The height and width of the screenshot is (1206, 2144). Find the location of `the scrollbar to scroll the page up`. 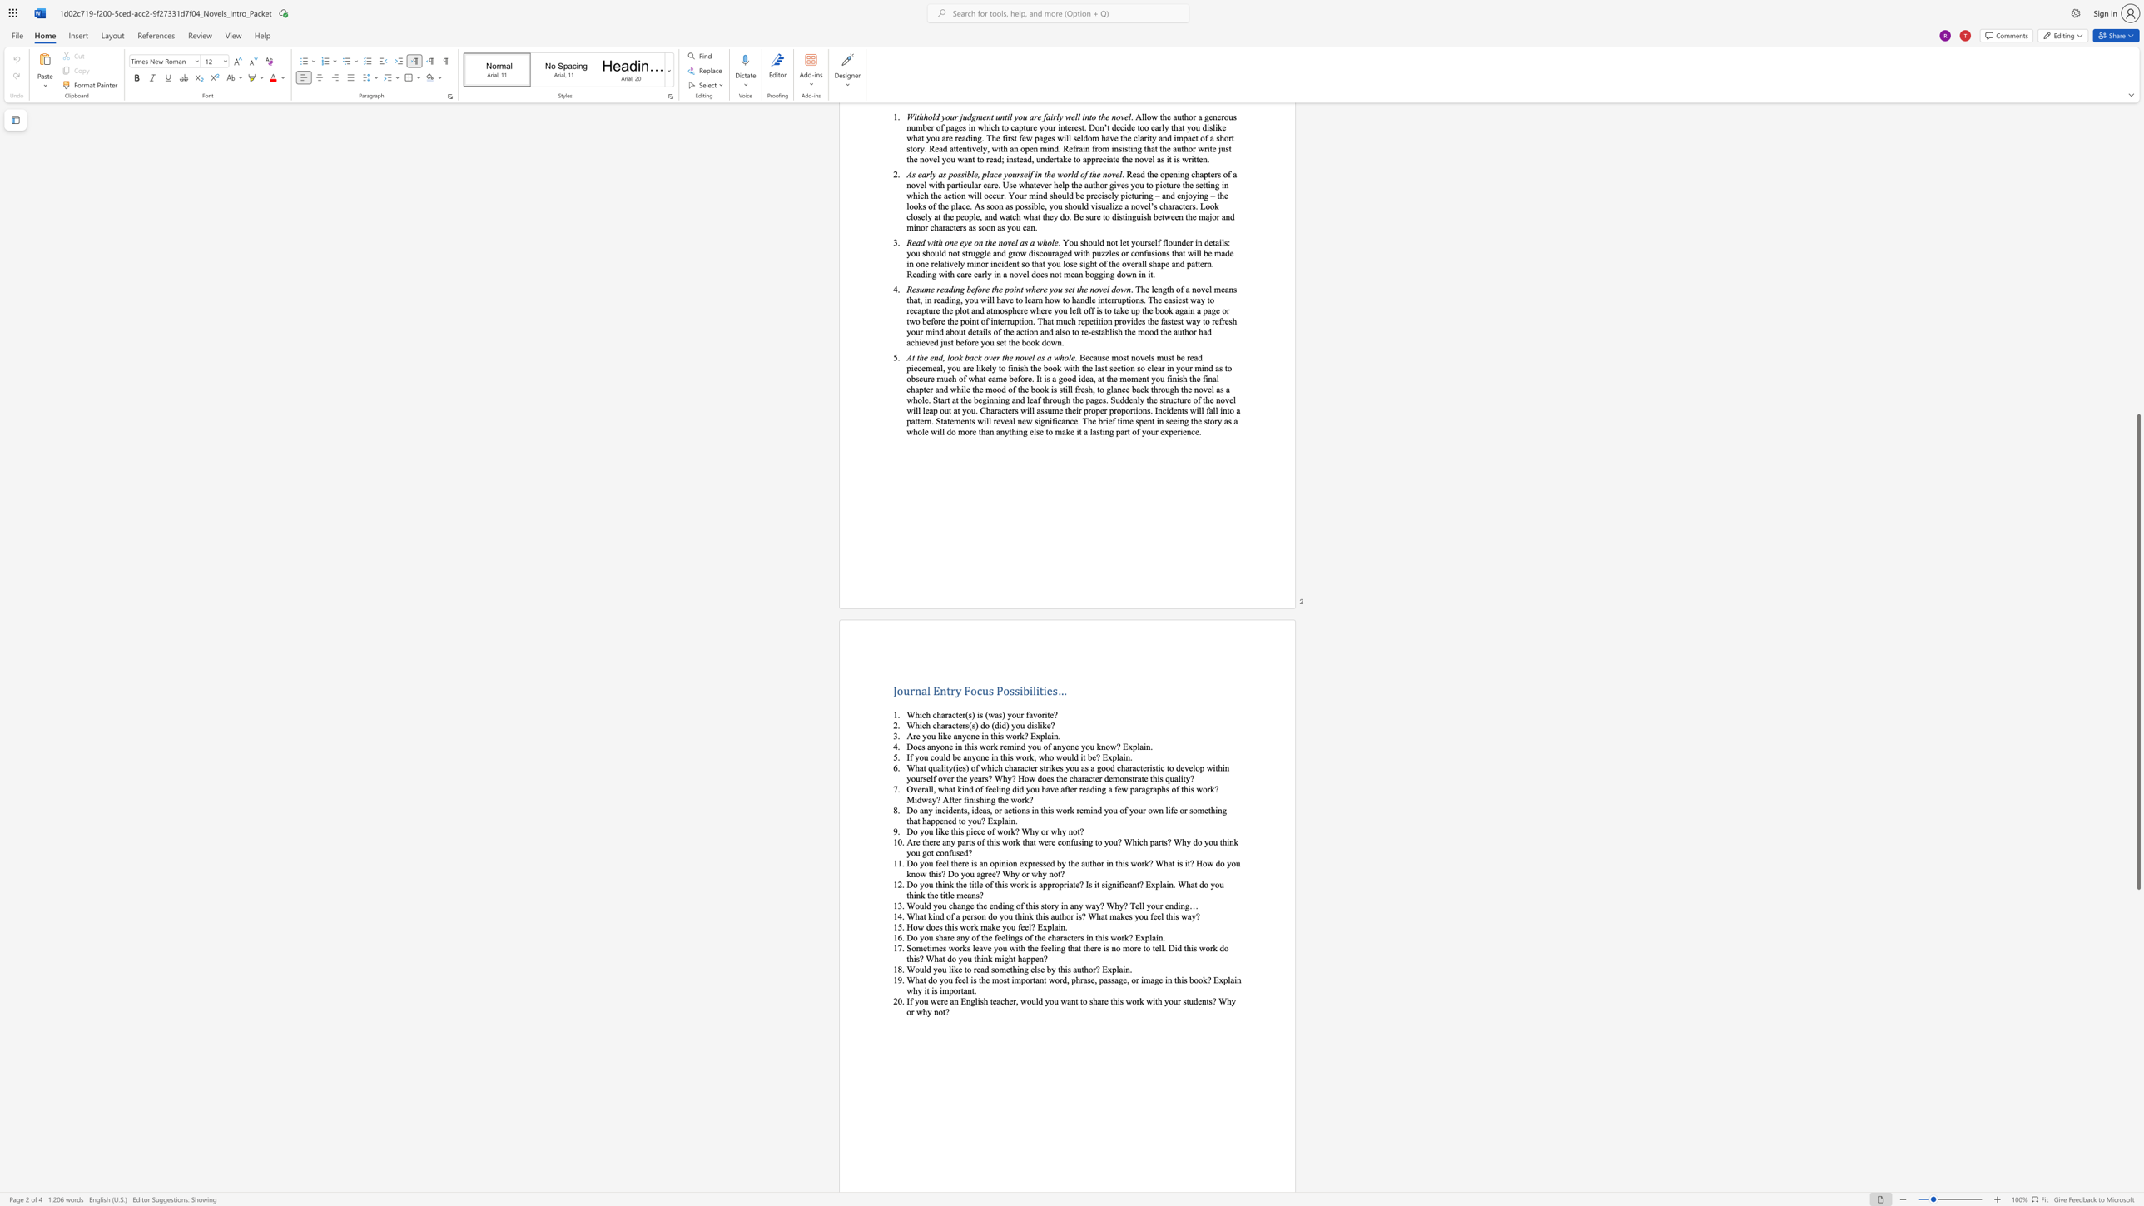

the scrollbar to scroll the page up is located at coordinates (2137, 407).